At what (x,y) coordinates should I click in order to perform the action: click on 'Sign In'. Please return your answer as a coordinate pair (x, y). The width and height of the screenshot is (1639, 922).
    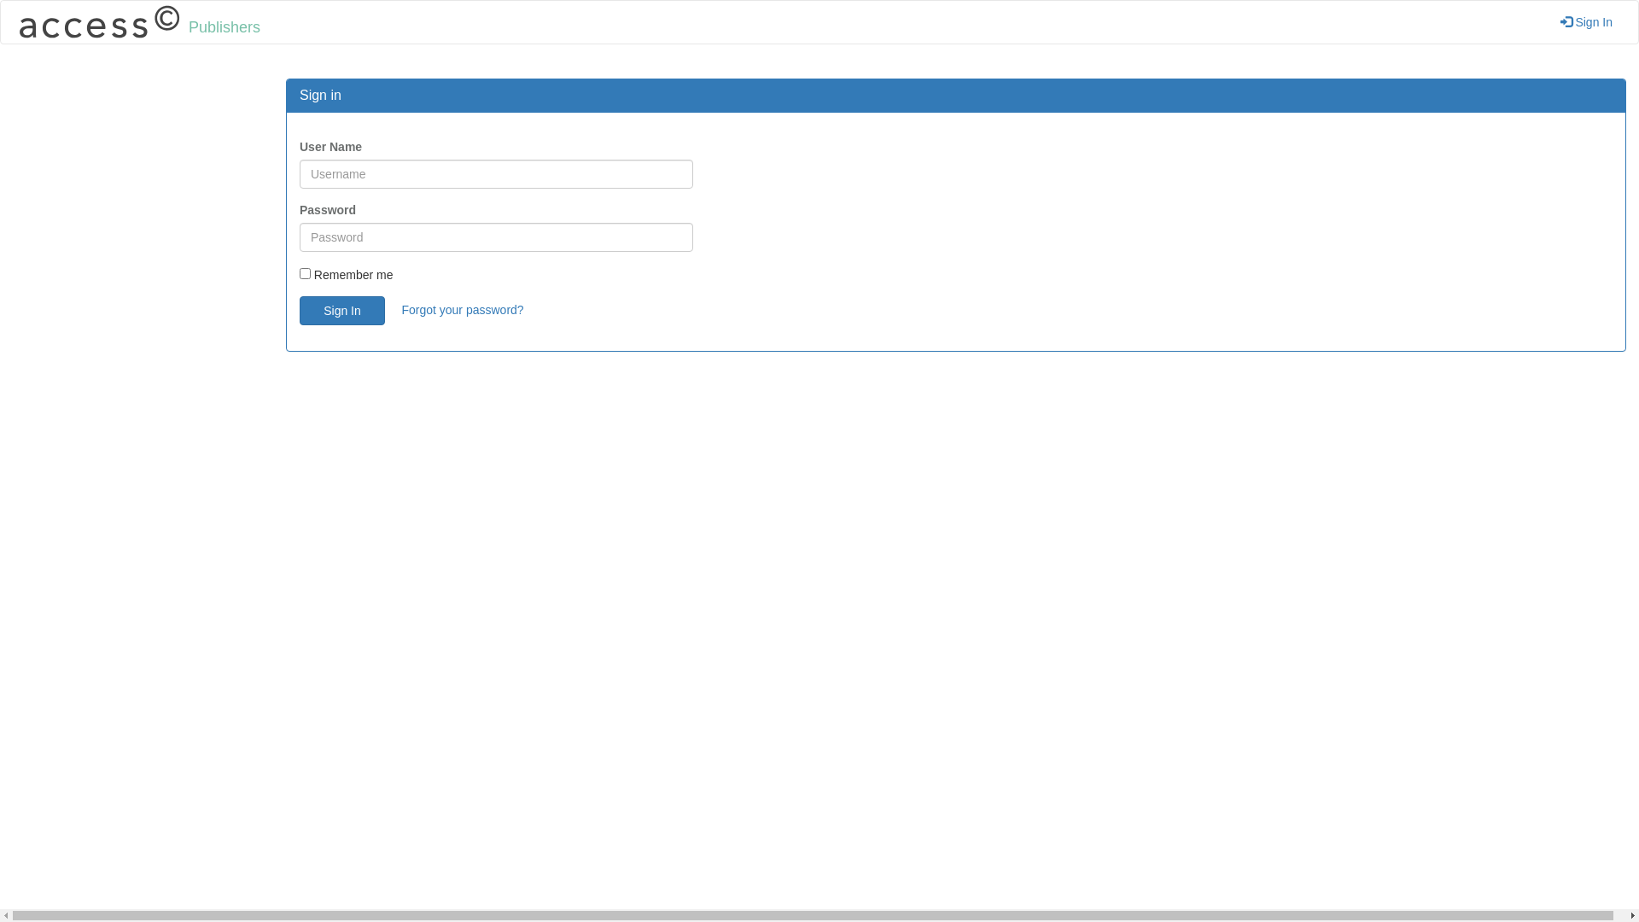
    Looking at the image, I should click on (1585, 22).